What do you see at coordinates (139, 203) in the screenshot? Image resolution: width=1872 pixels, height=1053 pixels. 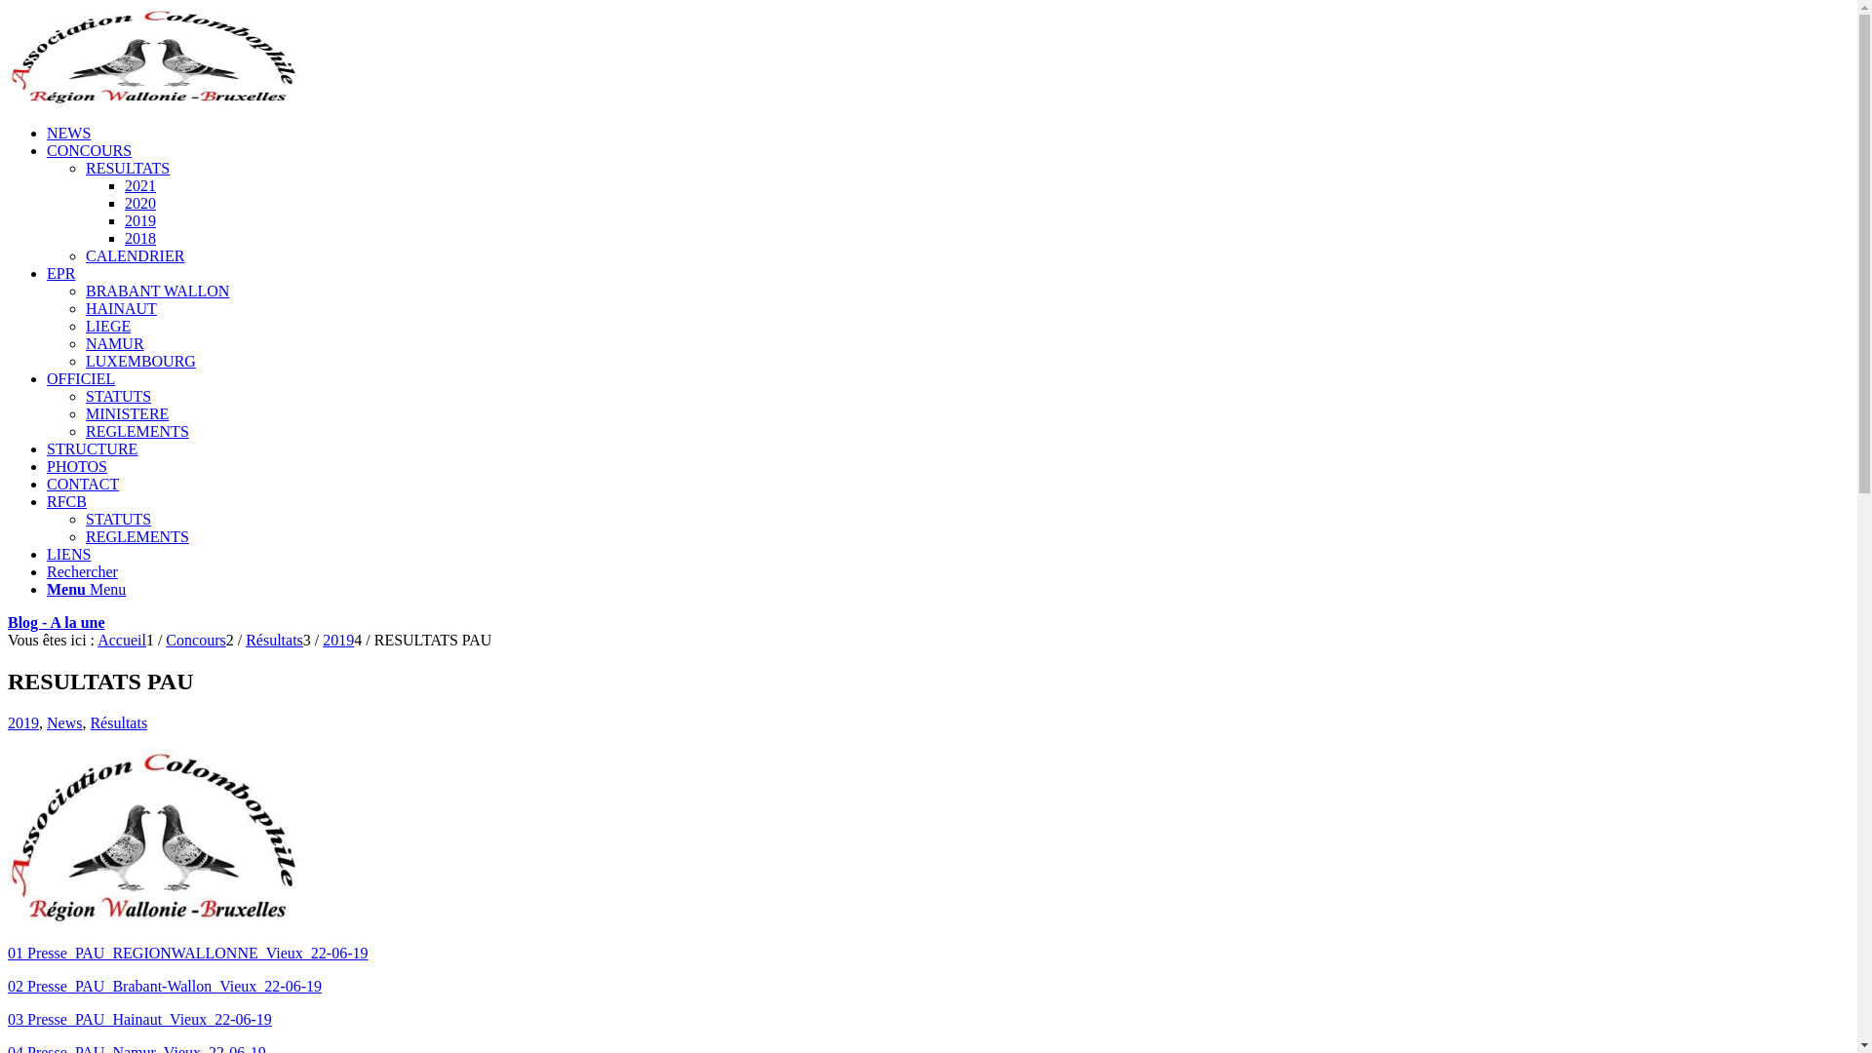 I see `'2020'` at bounding box center [139, 203].